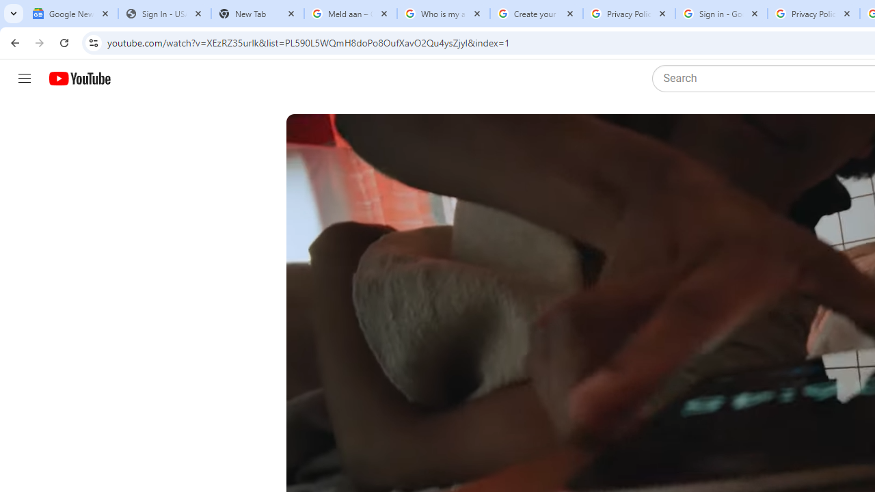 This screenshot has height=492, width=875. I want to click on 'Who is my administrator? - Google Account Help', so click(443, 14).